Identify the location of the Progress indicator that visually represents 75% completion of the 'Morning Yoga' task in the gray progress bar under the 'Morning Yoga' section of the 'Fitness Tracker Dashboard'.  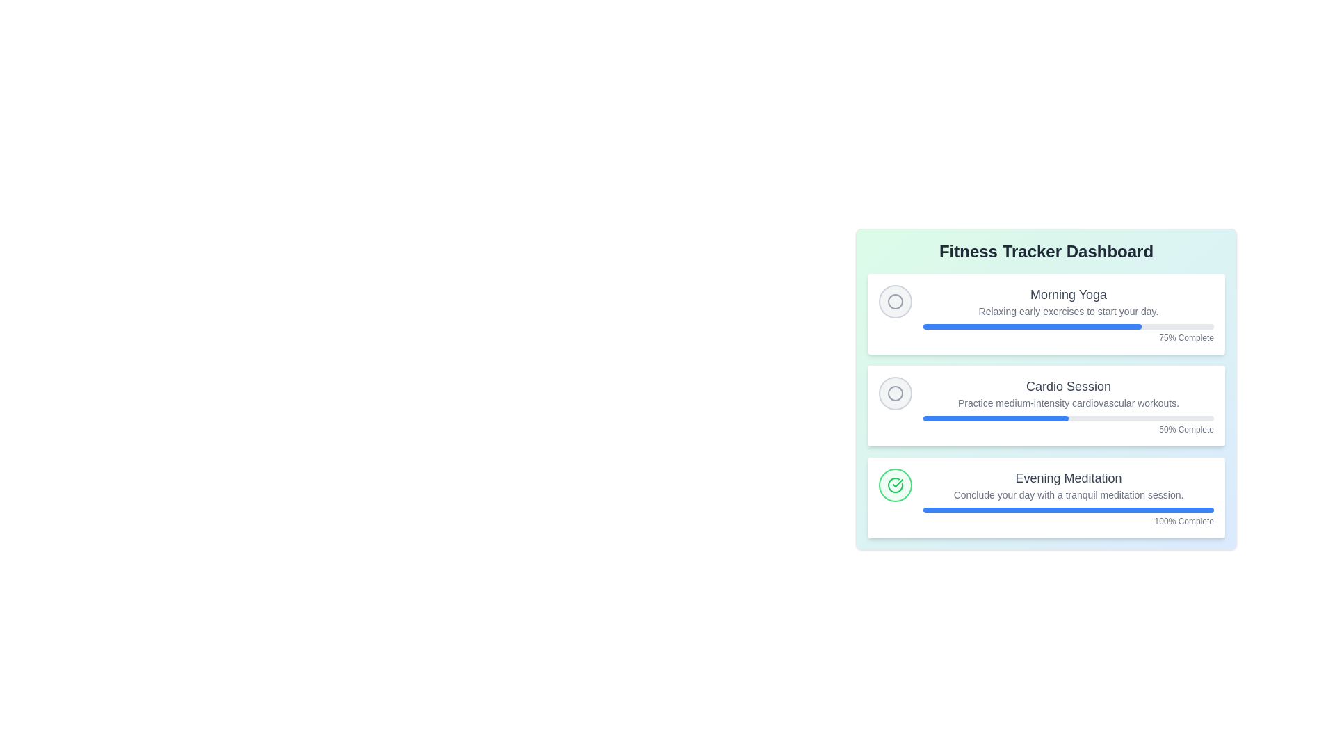
(1032, 327).